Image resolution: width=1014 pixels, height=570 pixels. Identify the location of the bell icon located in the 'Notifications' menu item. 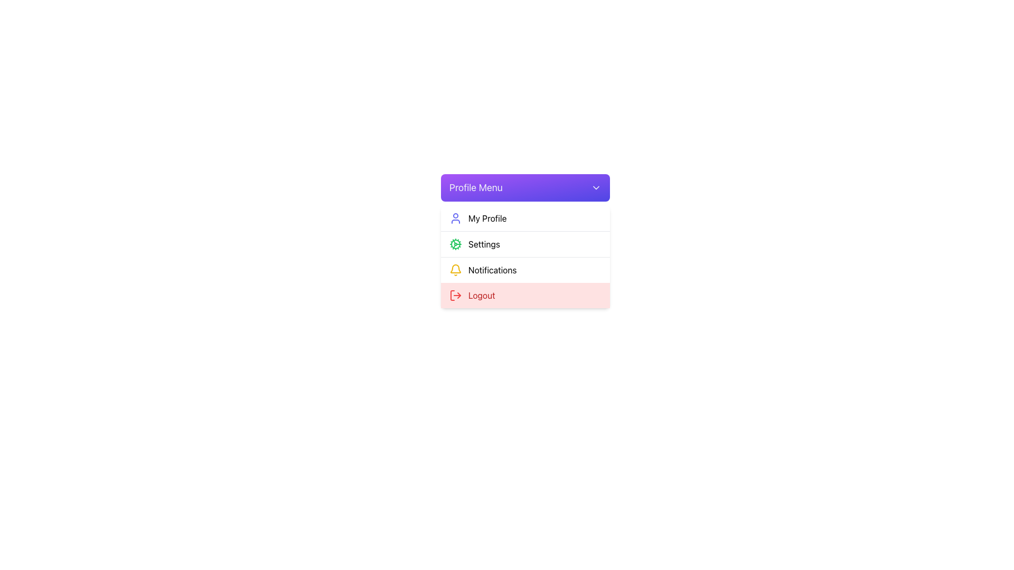
(456, 270).